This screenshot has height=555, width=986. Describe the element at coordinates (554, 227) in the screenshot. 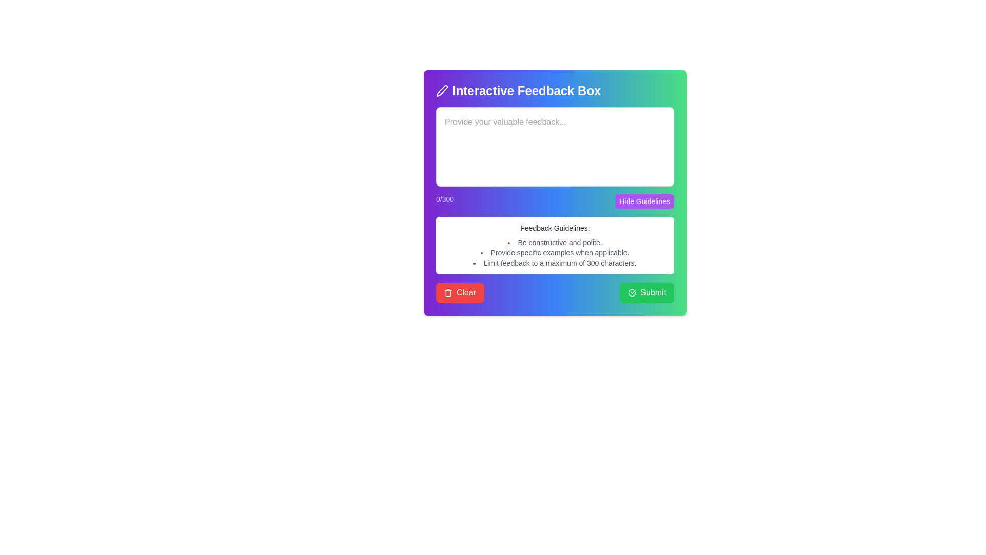

I see `text of the header labeled 'Feedback Guidelines:' which is styled in black or dark grey and is positioned above the bulleted list of feedback suggestions in the feedback box interface` at that location.